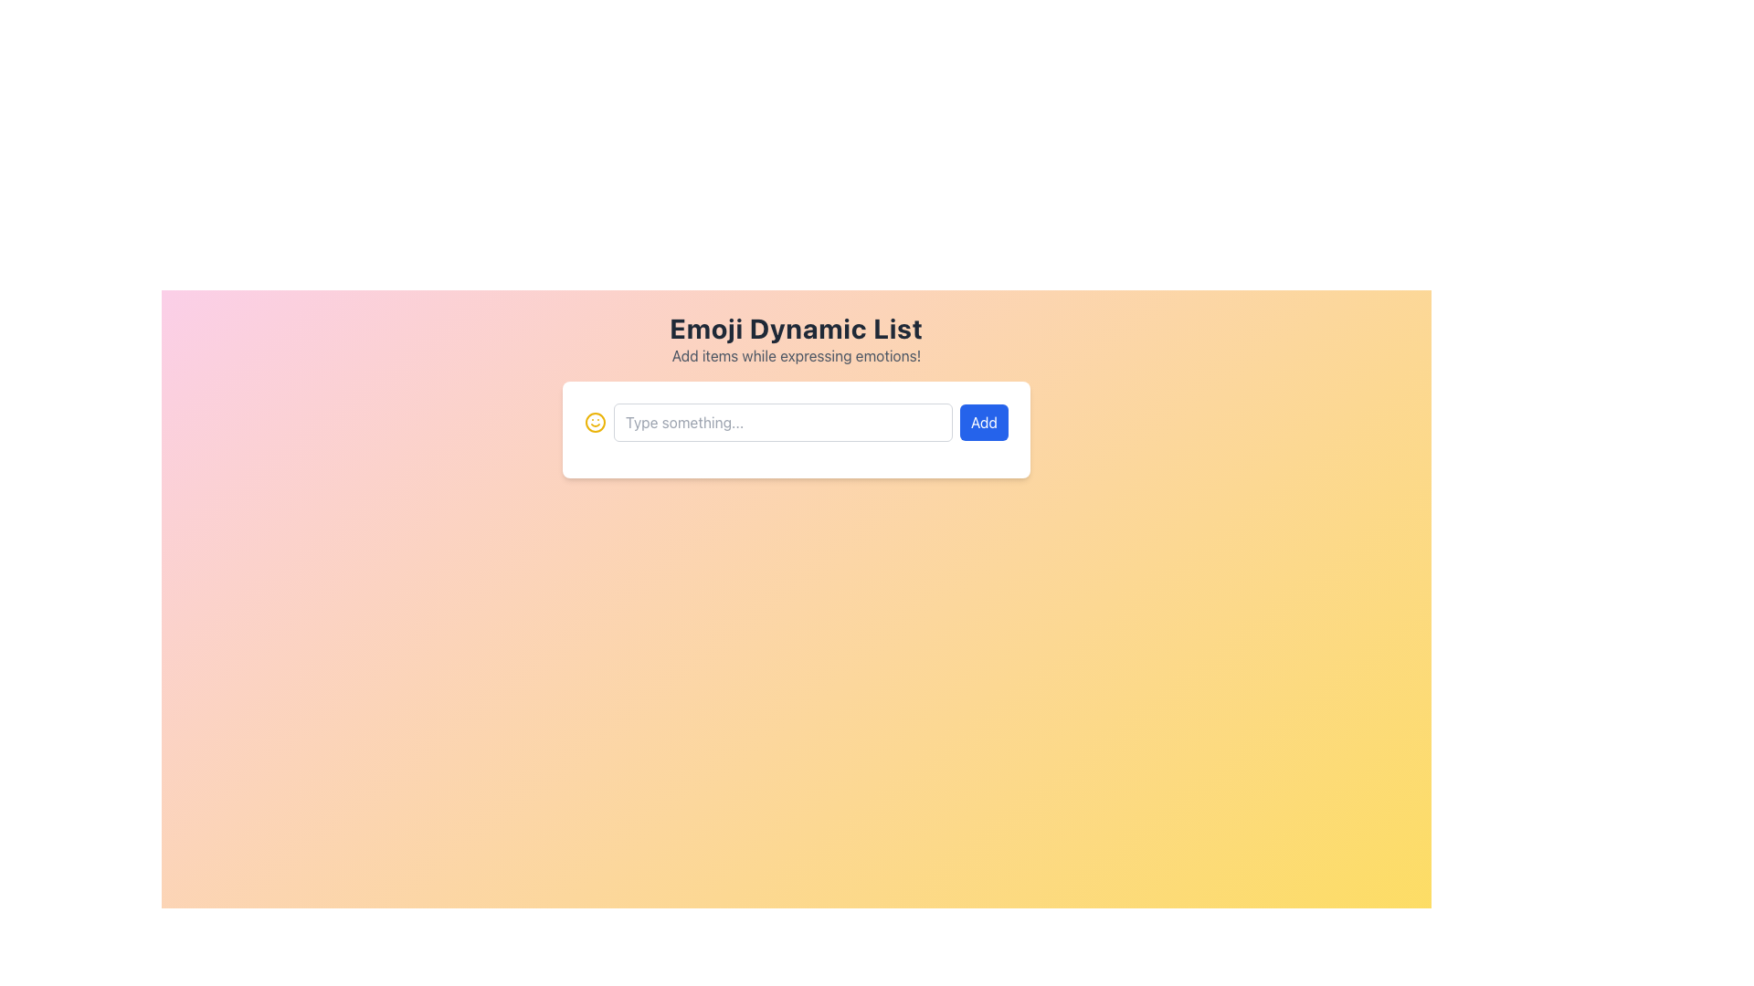 The image size is (1754, 986). Describe the element at coordinates (797, 355) in the screenshot. I see `text label that contains 'Add items while expressing emotions!' positioned below the title 'Emoji Dynamic List.'` at that location.